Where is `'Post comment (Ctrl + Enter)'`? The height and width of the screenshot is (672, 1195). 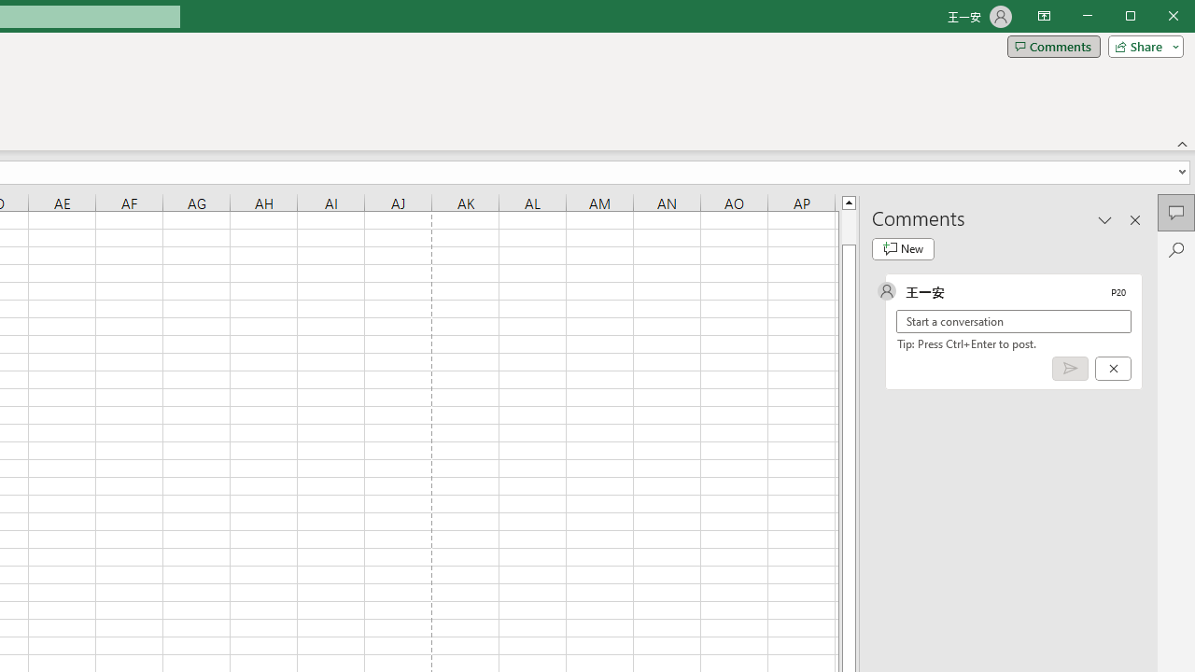
'Post comment (Ctrl + Enter)' is located at coordinates (1070, 369).